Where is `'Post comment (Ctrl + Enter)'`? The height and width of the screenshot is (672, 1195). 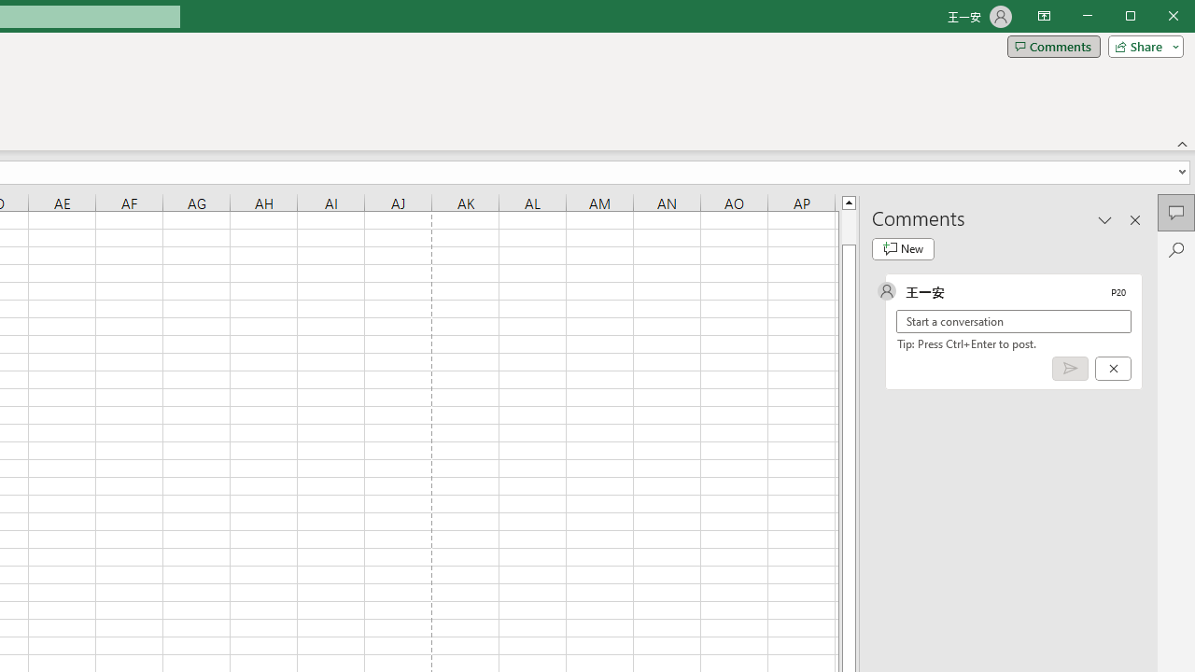
'Post comment (Ctrl + Enter)' is located at coordinates (1070, 369).